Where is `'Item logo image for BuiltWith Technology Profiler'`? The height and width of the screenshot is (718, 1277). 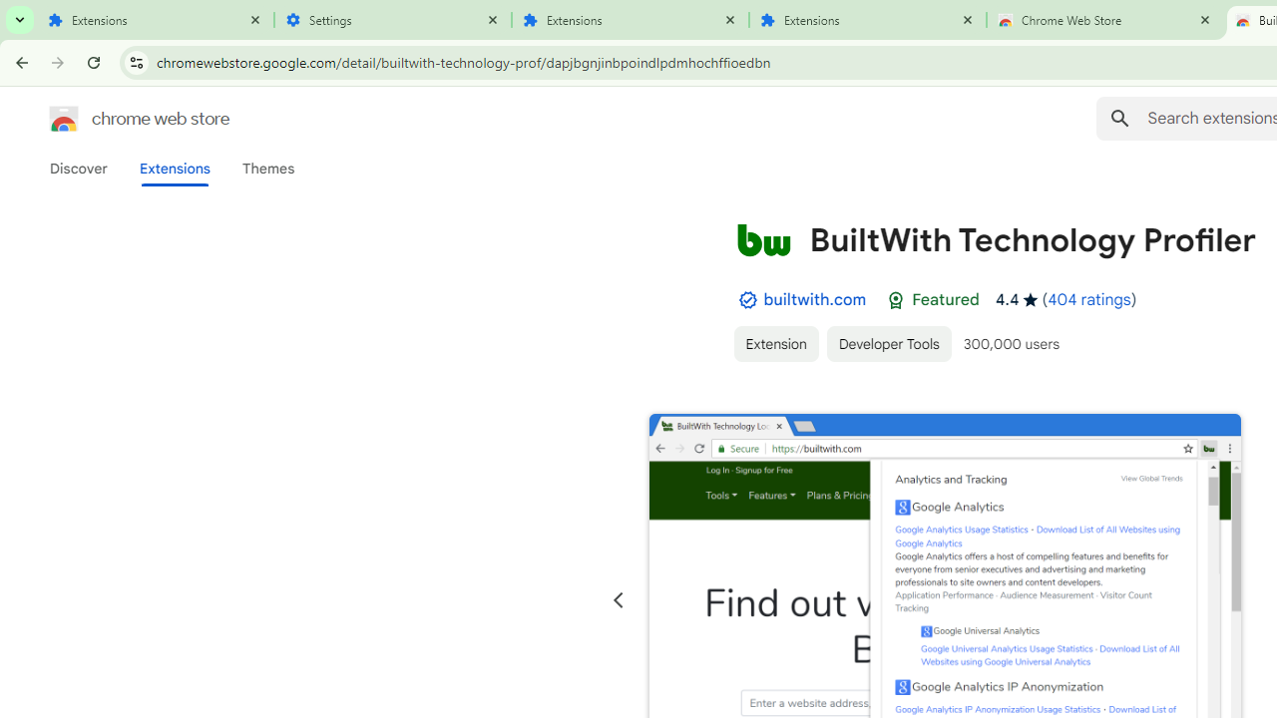 'Item logo image for BuiltWith Technology Profiler' is located at coordinates (762, 238).